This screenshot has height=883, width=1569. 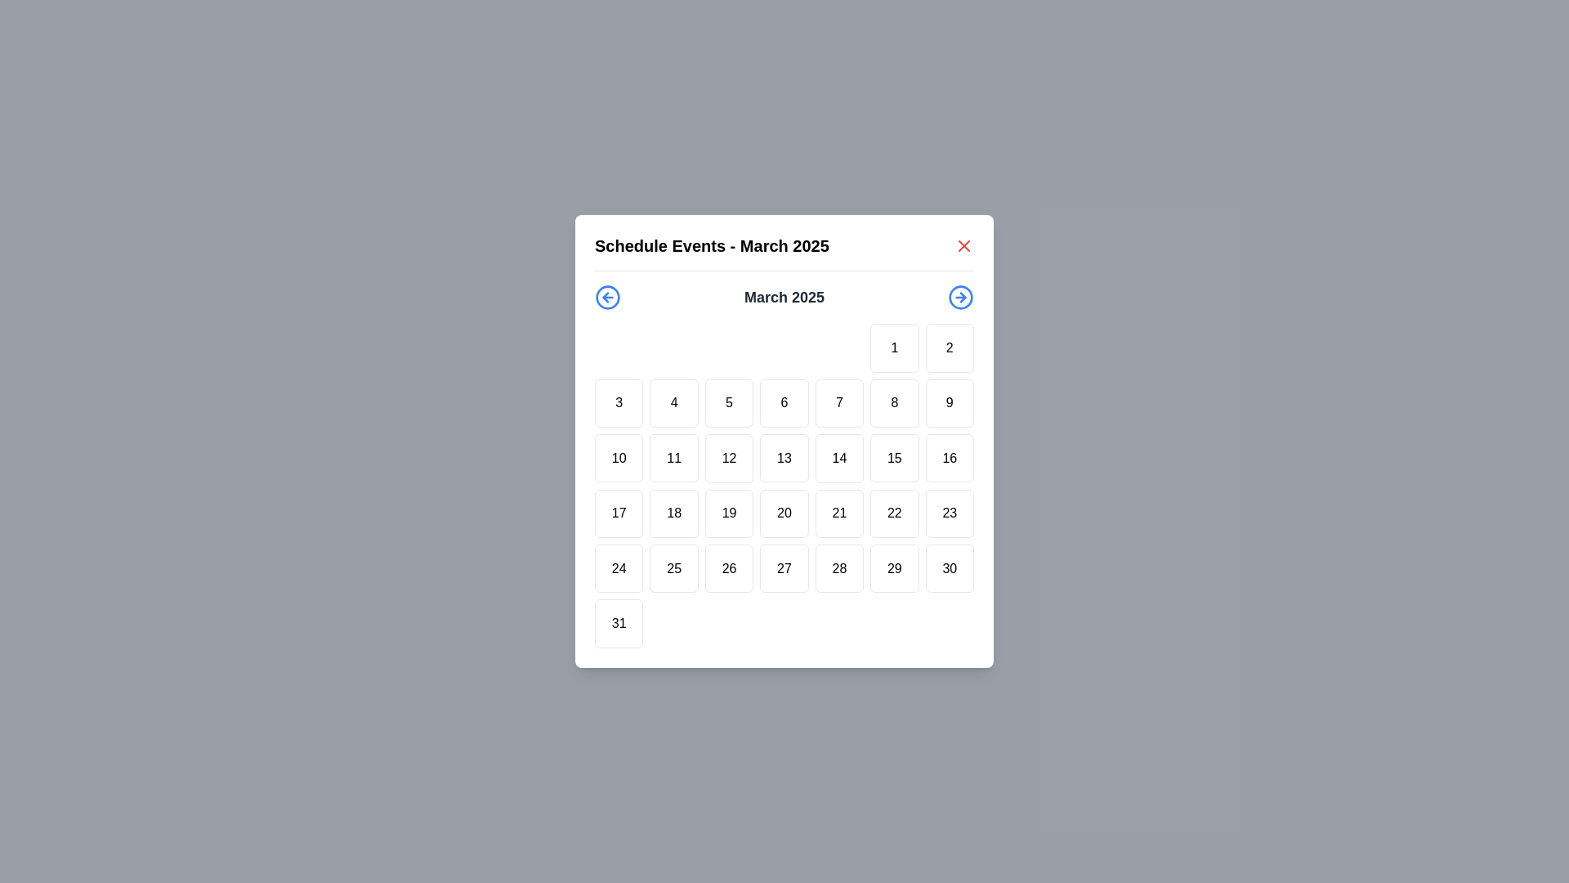 I want to click on the square placeholder grid cell located as the third item in the top row of the calendar grid, which is visually distinct as it contains no numbers or content, so click(x=728, y=347).